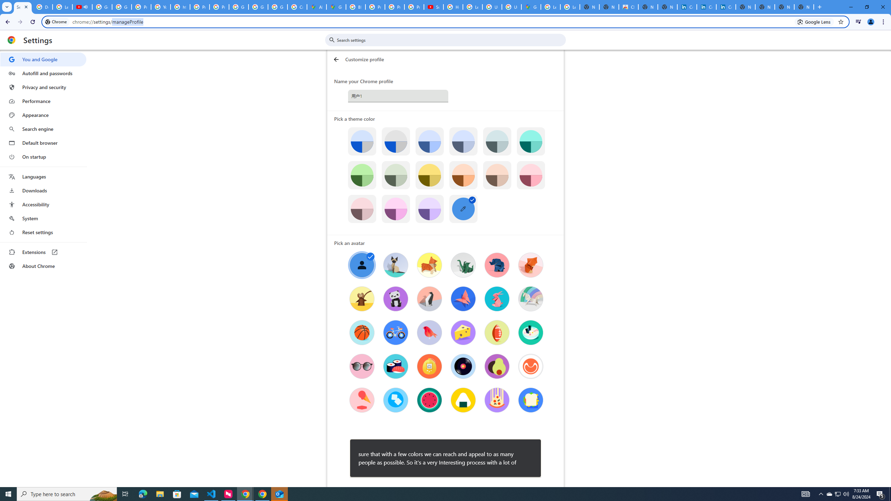  I want to click on 'AutomationID: menu', so click(44, 162).